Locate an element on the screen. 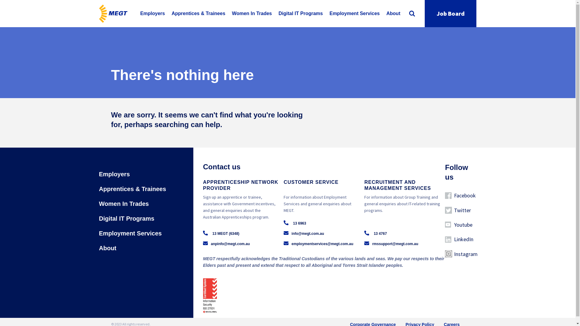  'rmssupport@megt.com.au' is located at coordinates (391, 243).